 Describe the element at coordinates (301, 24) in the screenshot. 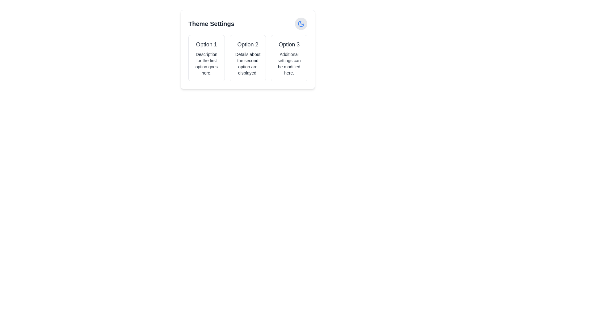

I see `the bold blue crescent moon icon located in the top-right corner of the 'Theme Settings' card` at that location.